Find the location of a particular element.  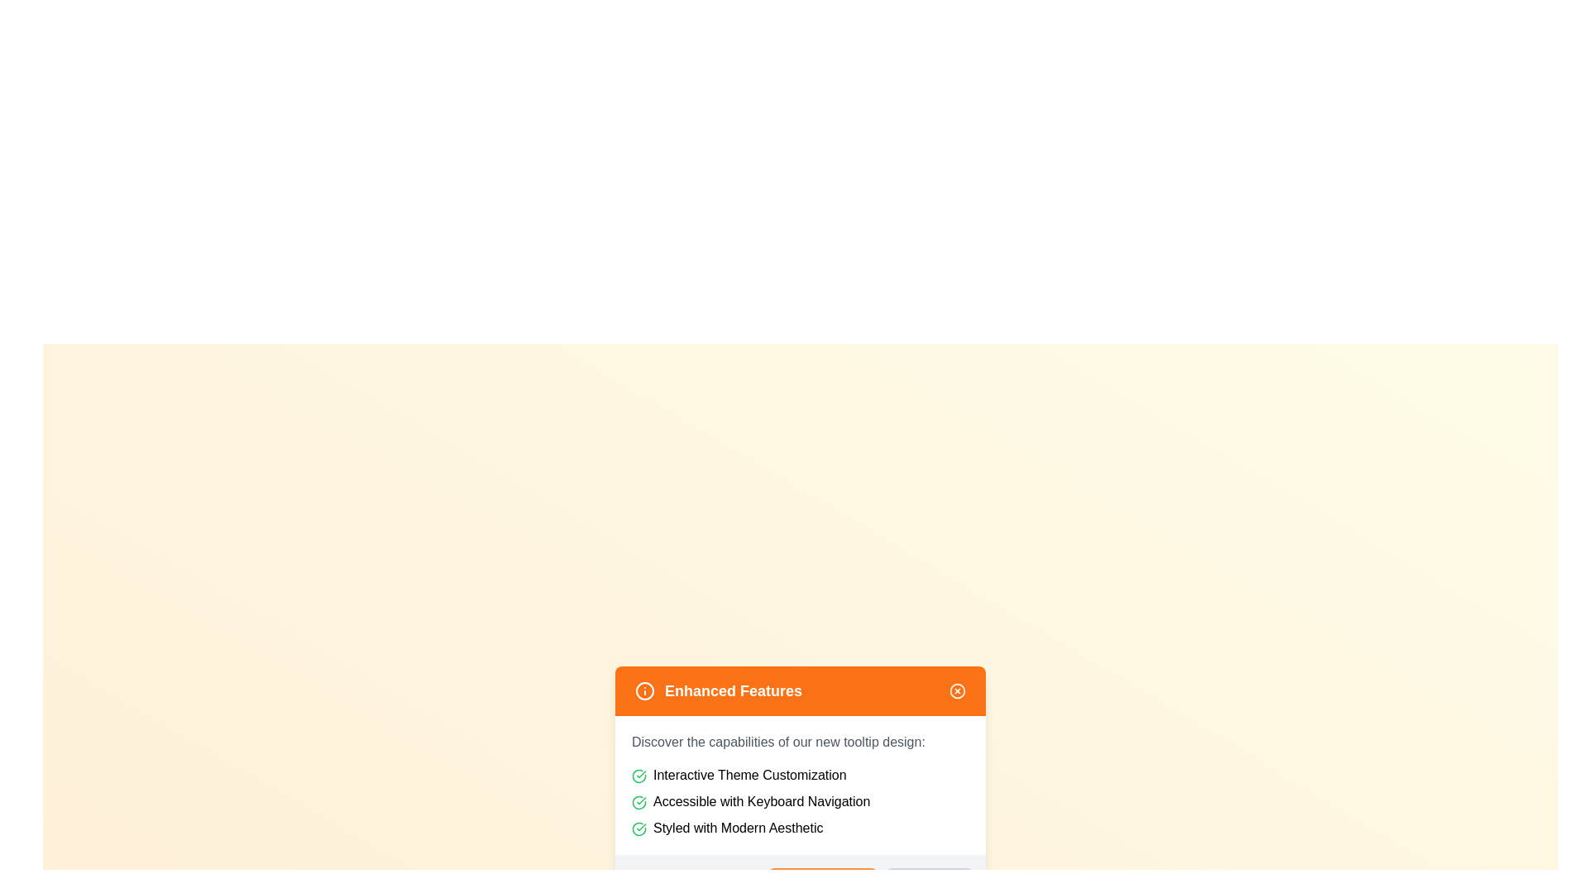

the green checkmark icon enclosed in a circle, which is the first icon in the list under 'Interactive Theme Customization' is located at coordinates (638, 775).